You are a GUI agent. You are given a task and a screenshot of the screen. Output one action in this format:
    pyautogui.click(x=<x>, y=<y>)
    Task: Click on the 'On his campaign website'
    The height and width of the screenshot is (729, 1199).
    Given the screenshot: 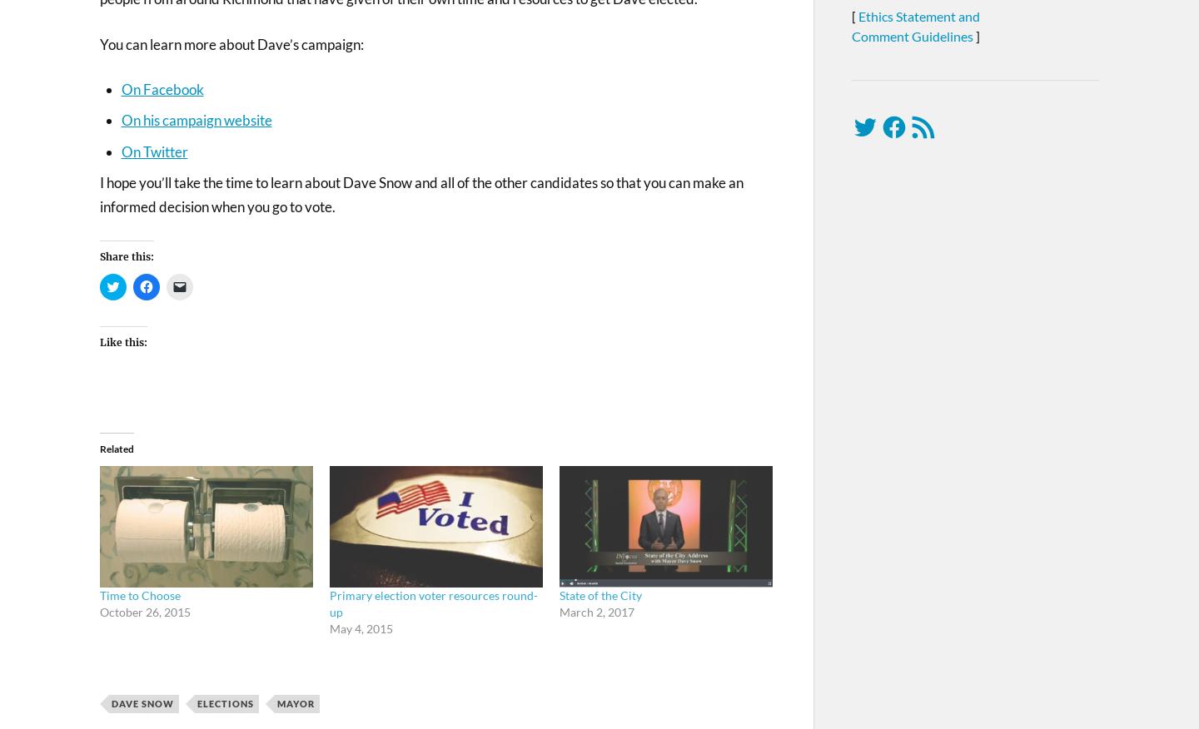 What is the action you would take?
    pyautogui.click(x=196, y=119)
    